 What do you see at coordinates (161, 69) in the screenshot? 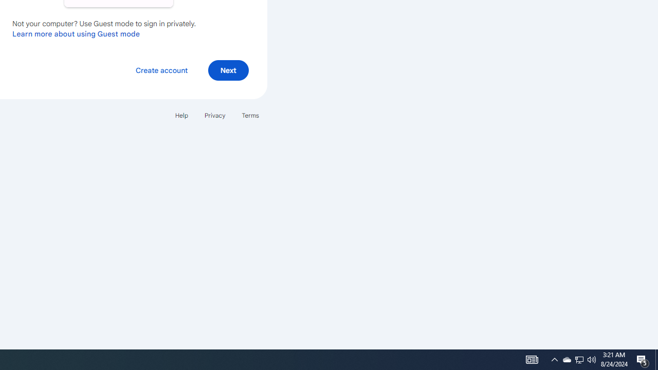
I see `'Create account'` at bounding box center [161, 69].